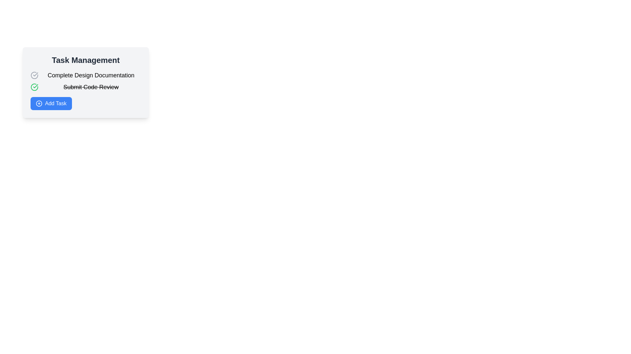 This screenshot has height=354, width=631. I want to click on the SVG Circle with a blue border and white fill, located adjacent to the 'Add Task' button, so click(39, 103).